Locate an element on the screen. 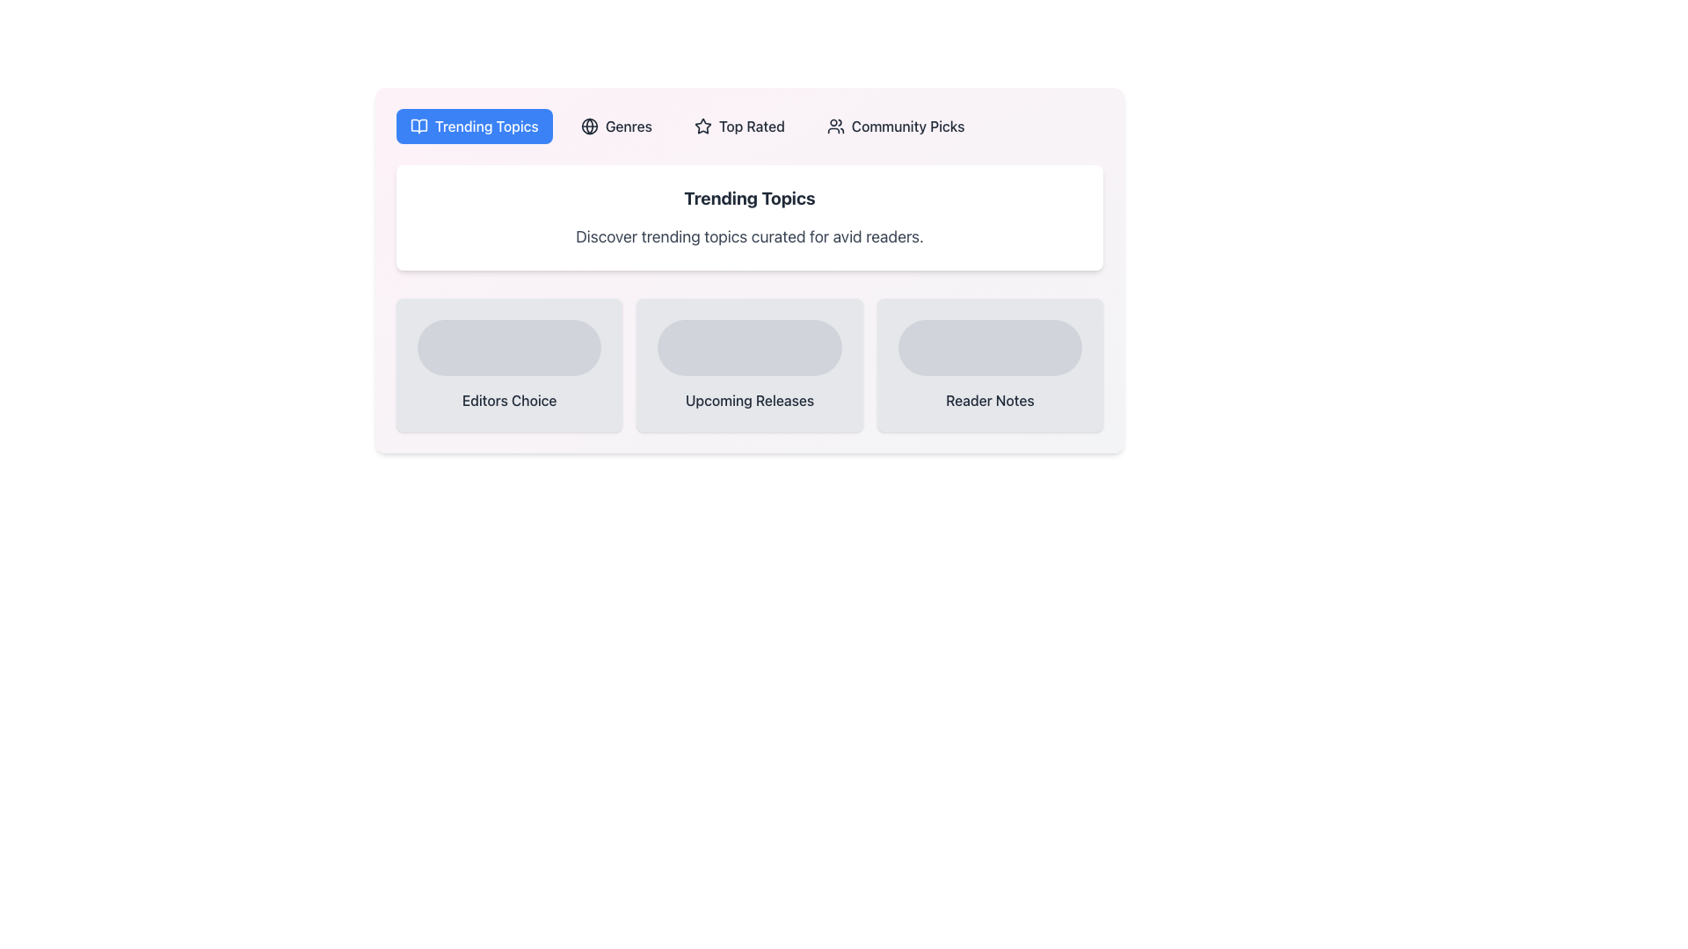  the second button in the navigation options is located at coordinates (615, 125).